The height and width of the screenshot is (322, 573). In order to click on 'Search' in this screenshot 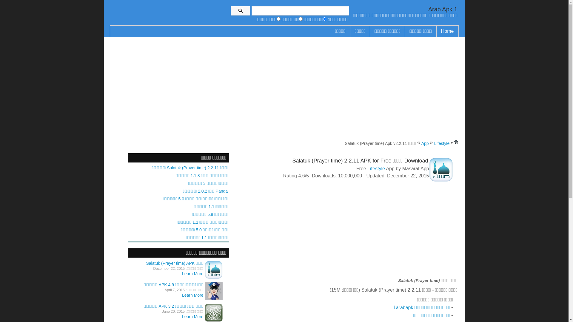, I will do `click(240, 10)`.